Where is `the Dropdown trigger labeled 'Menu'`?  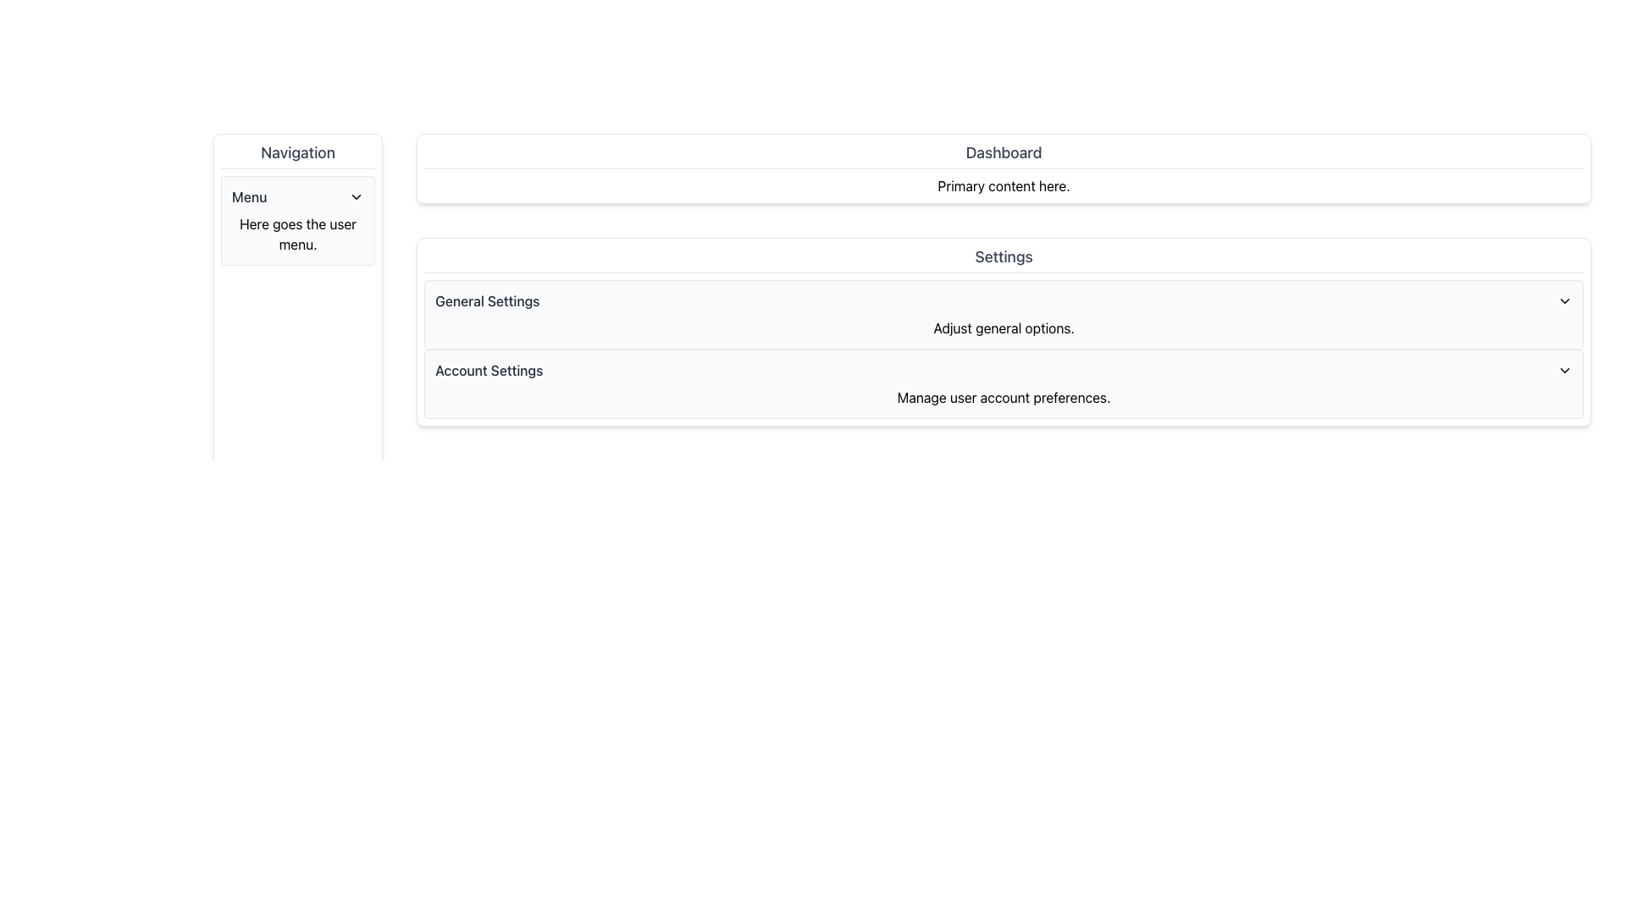
the Dropdown trigger labeled 'Menu' is located at coordinates (298, 195).